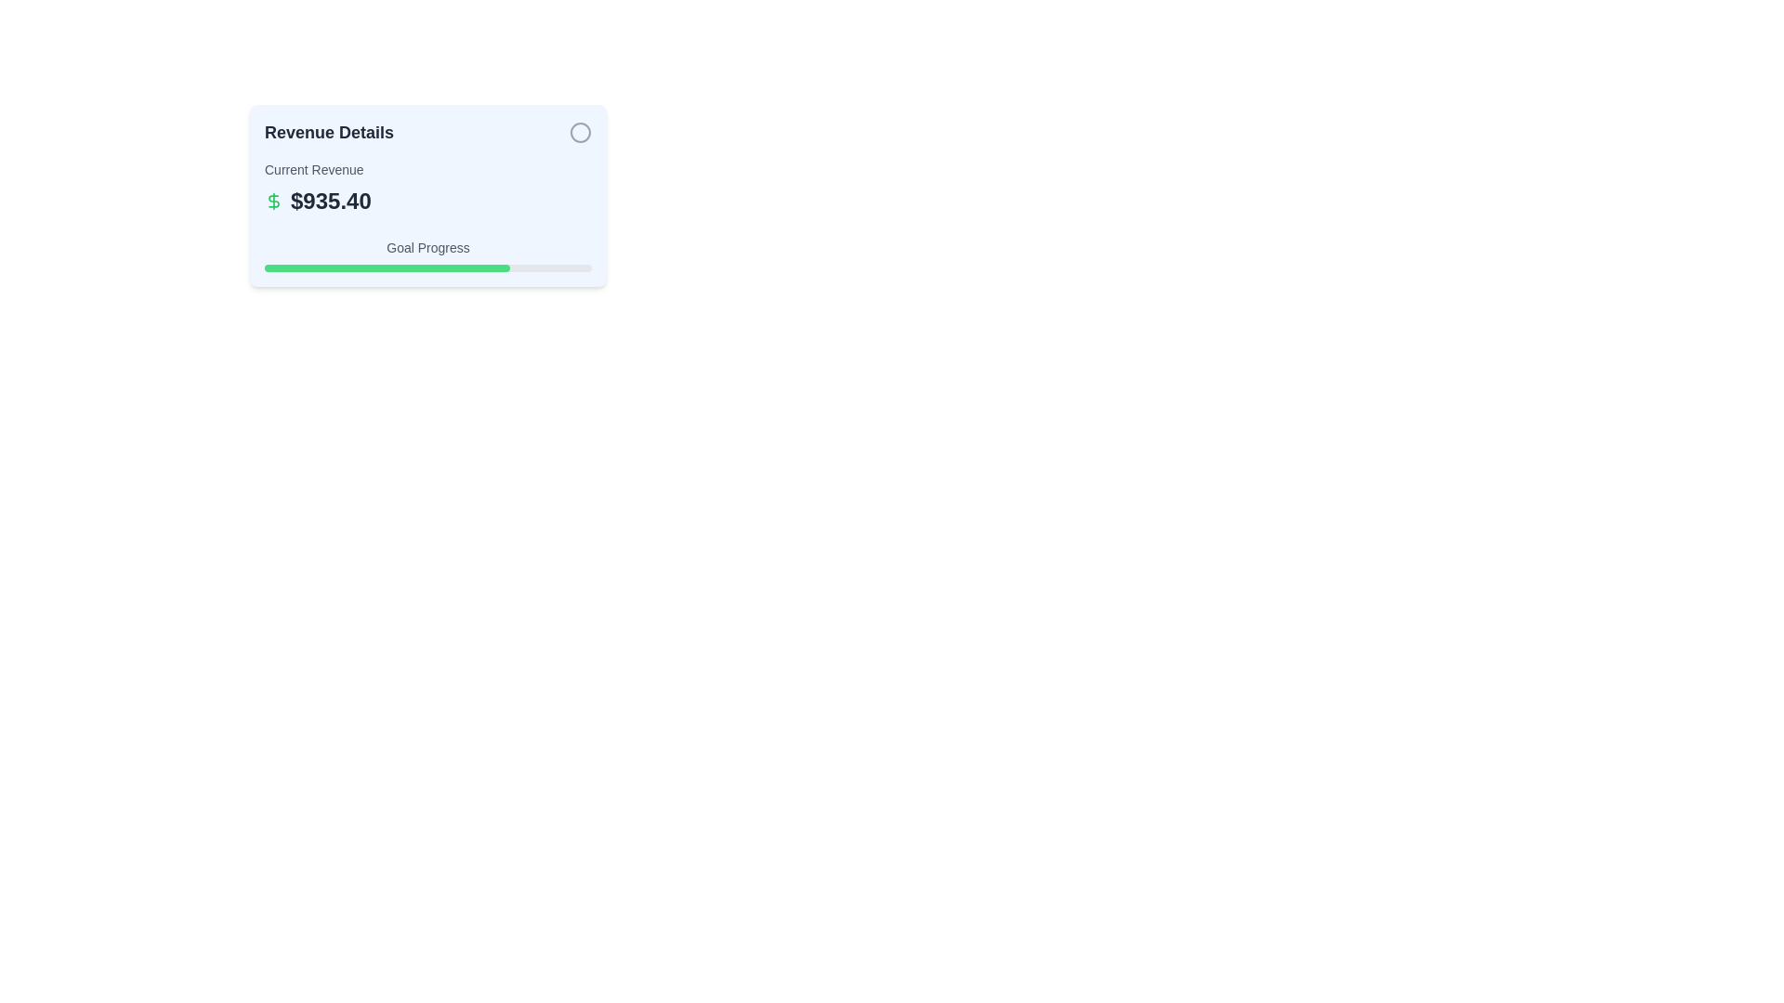  What do you see at coordinates (314, 169) in the screenshot?
I see `the 'Current Revenue' text label, which is styled with gray color and small font size, located within the 'Revenue Details' card interface above the numerical revenue value '$935.40'` at bounding box center [314, 169].